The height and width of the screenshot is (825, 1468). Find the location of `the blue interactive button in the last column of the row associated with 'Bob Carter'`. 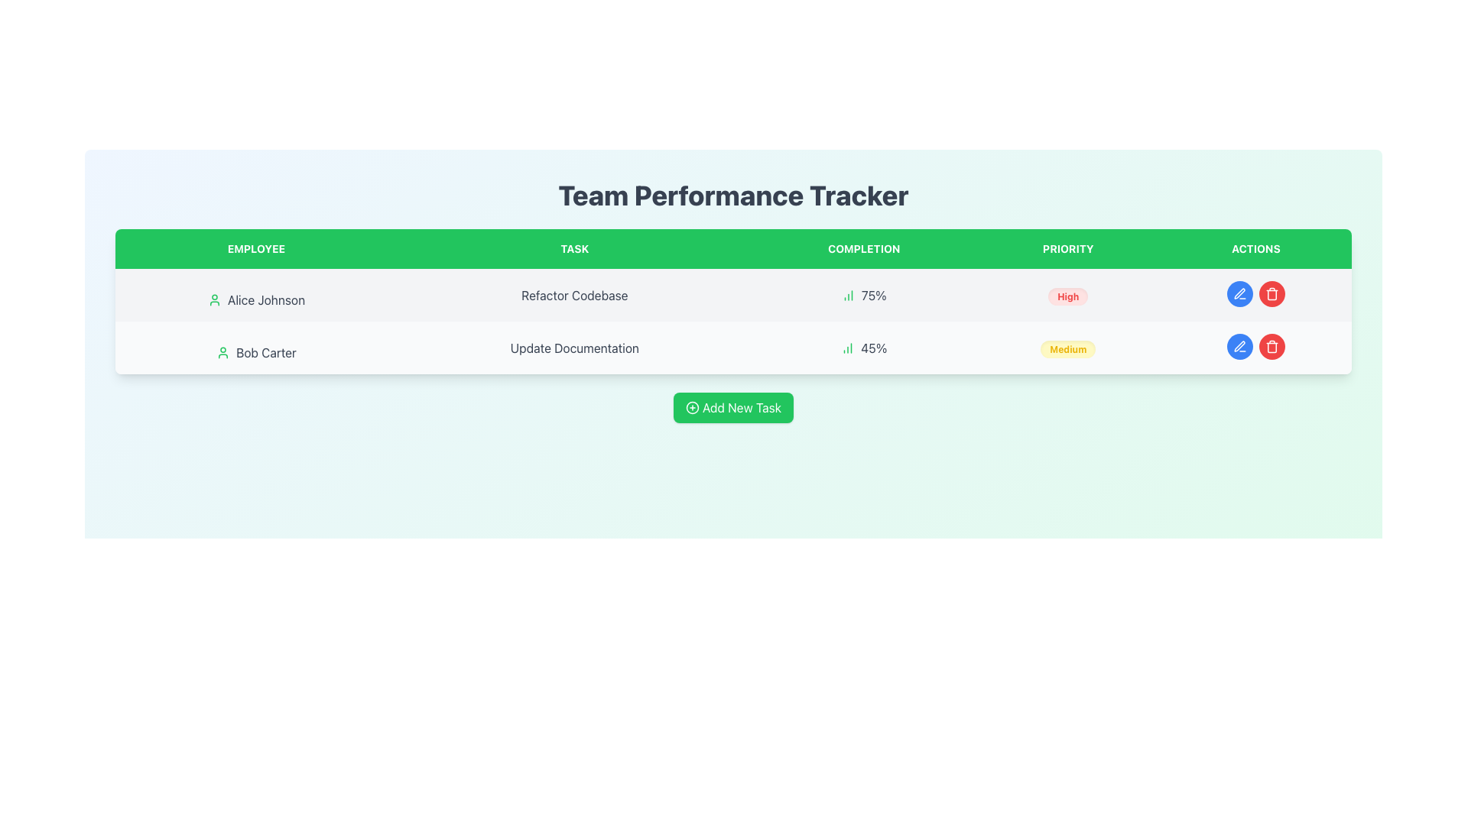

the blue interactive button in the last column of the row associated with 'Bob Carter' is located at coordinates (1255, 347).